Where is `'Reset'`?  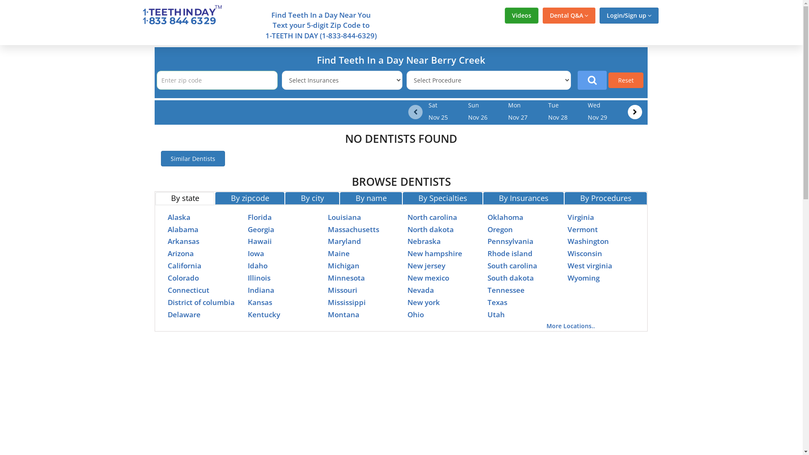 'Reset' is located at coordinates (626, 80).